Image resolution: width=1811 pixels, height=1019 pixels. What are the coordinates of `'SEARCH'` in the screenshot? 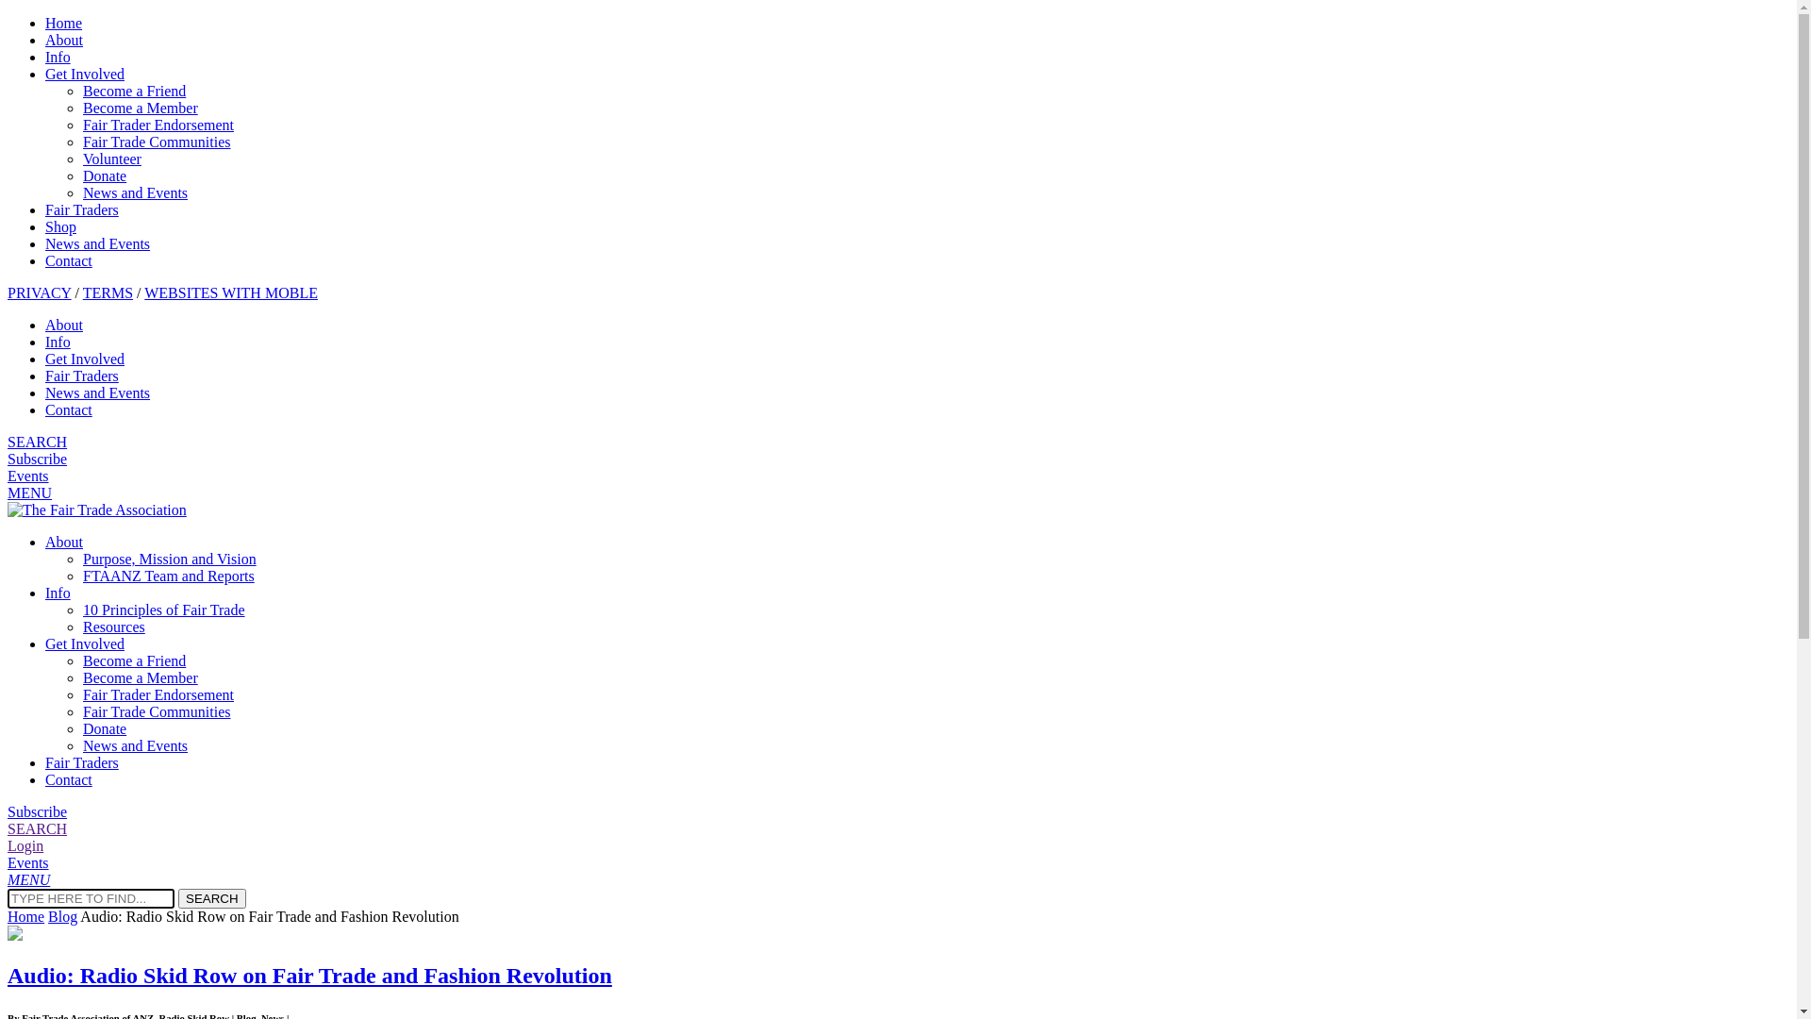 It's located at (212, 897).